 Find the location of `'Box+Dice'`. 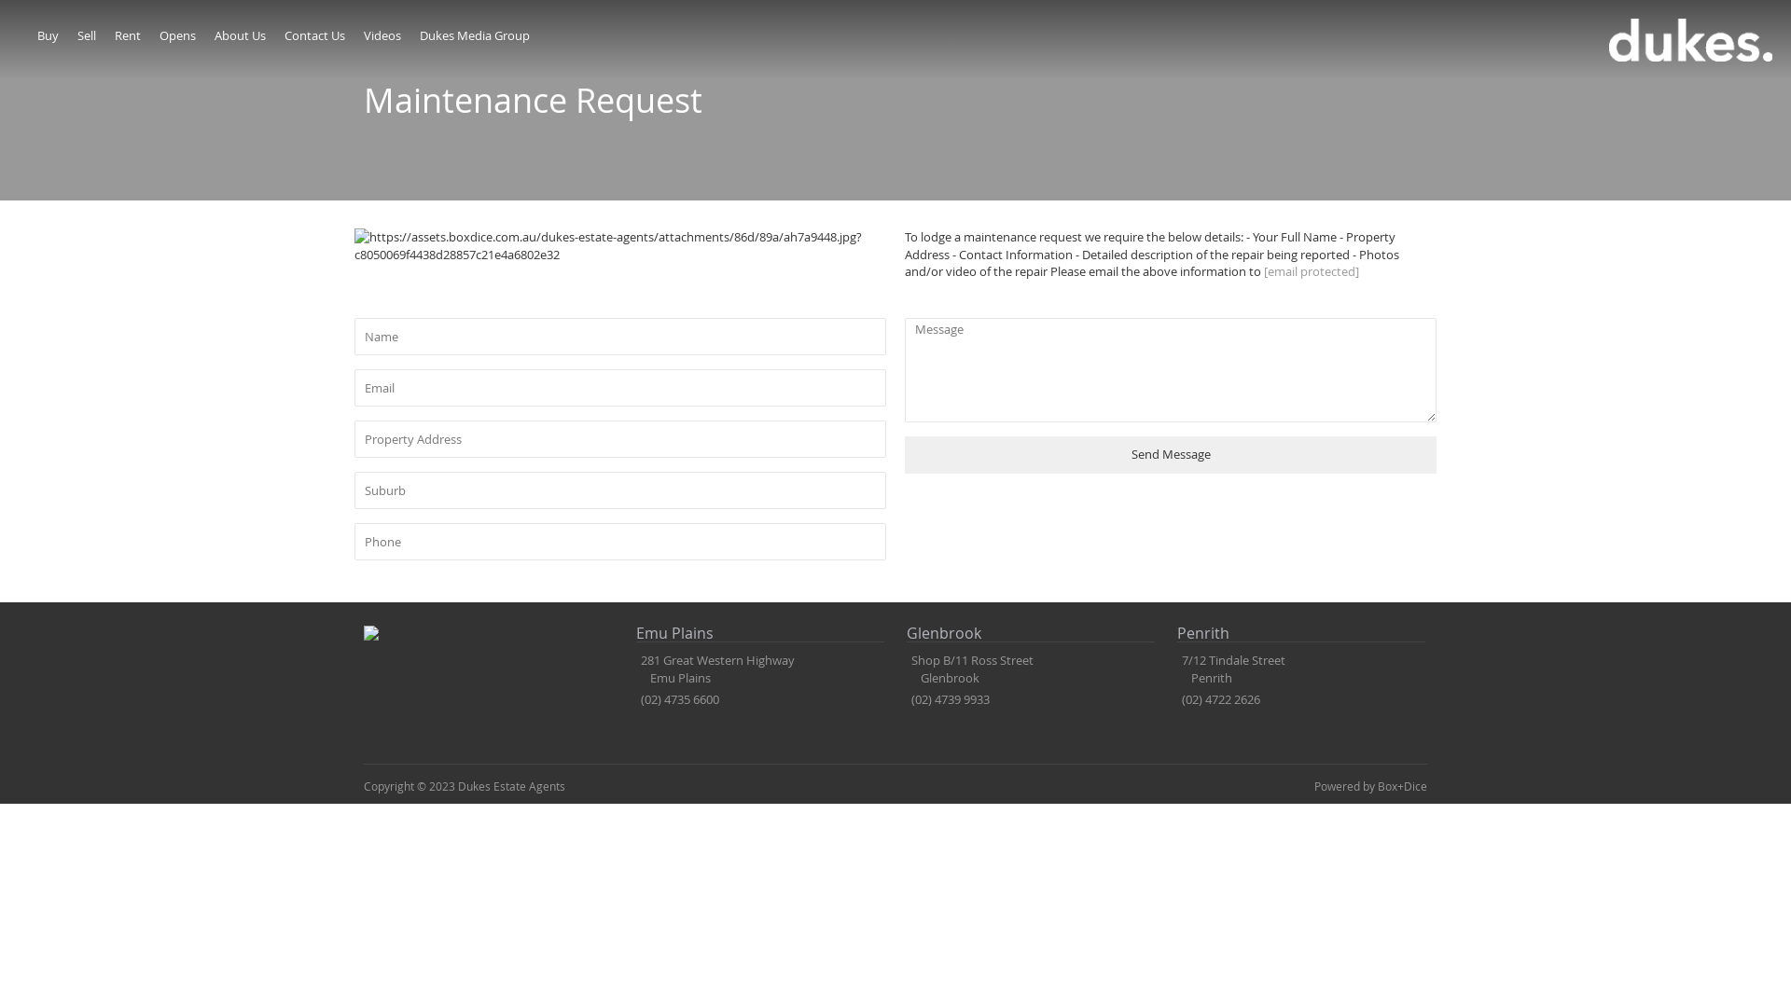

'Box+Dice' is located at coordinates (1402, 786).